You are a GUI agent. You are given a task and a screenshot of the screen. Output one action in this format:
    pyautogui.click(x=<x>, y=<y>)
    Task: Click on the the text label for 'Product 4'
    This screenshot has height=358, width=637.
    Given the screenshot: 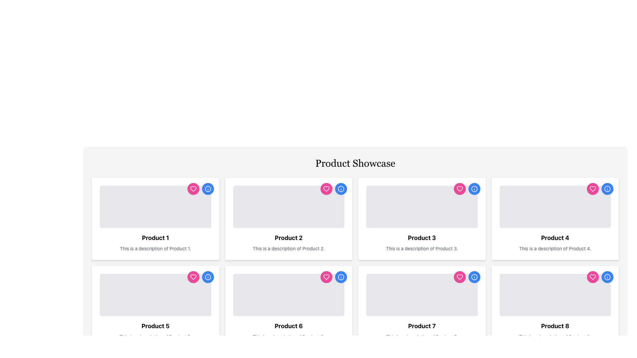 What is the action you would take?
    pyautogui.click(x=555, y=237)
    